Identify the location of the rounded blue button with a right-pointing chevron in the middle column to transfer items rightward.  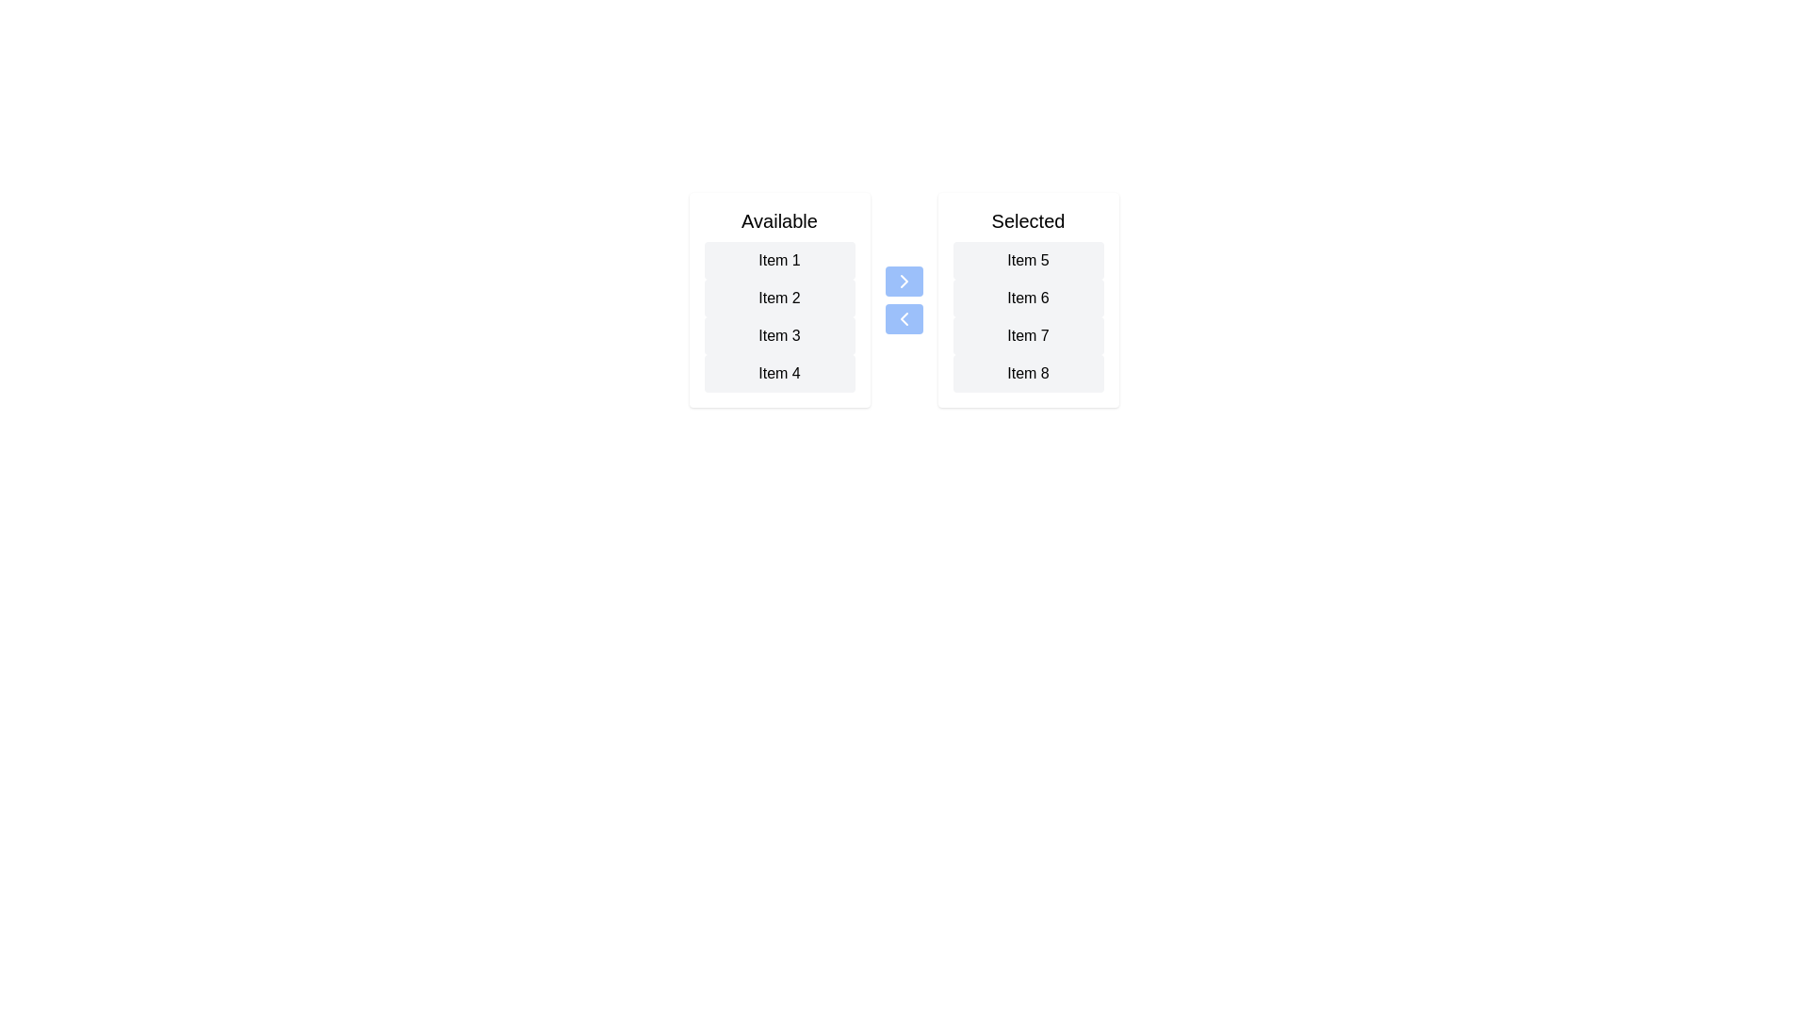
(903, 282).